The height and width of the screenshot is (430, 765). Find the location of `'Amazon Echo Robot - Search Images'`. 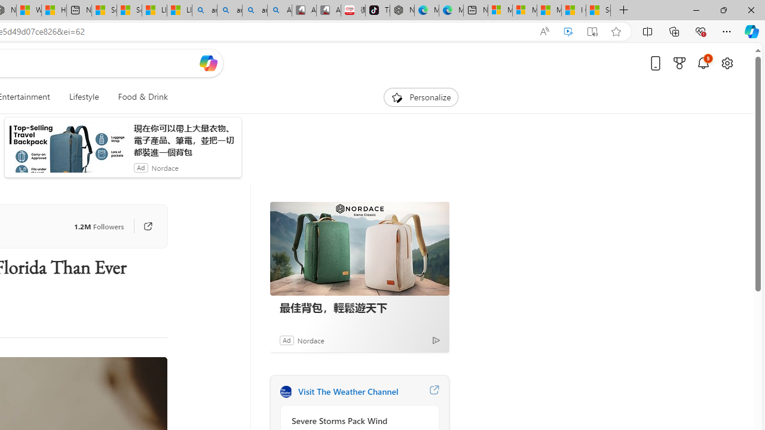

'Amazon Echo Robot - Search Images' is located at coordinates (279, 10).